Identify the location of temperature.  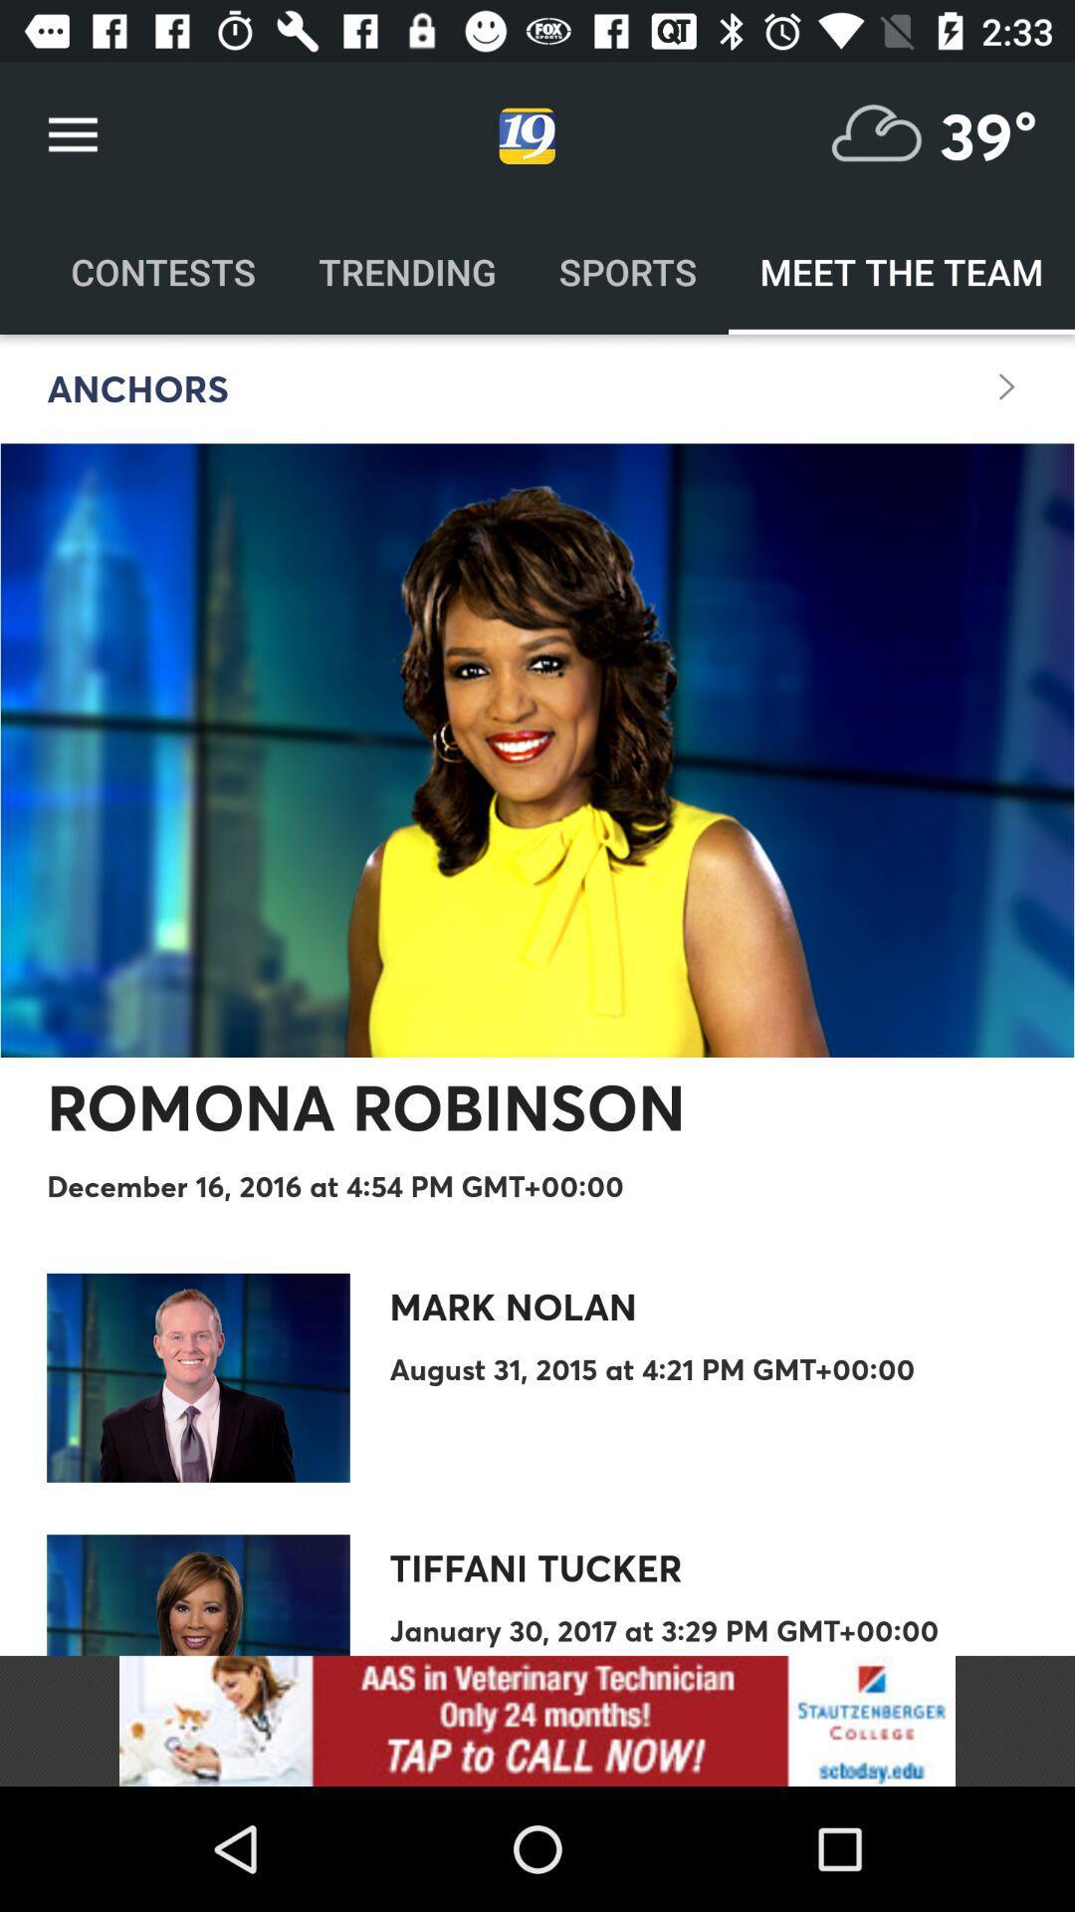
(876, 134).